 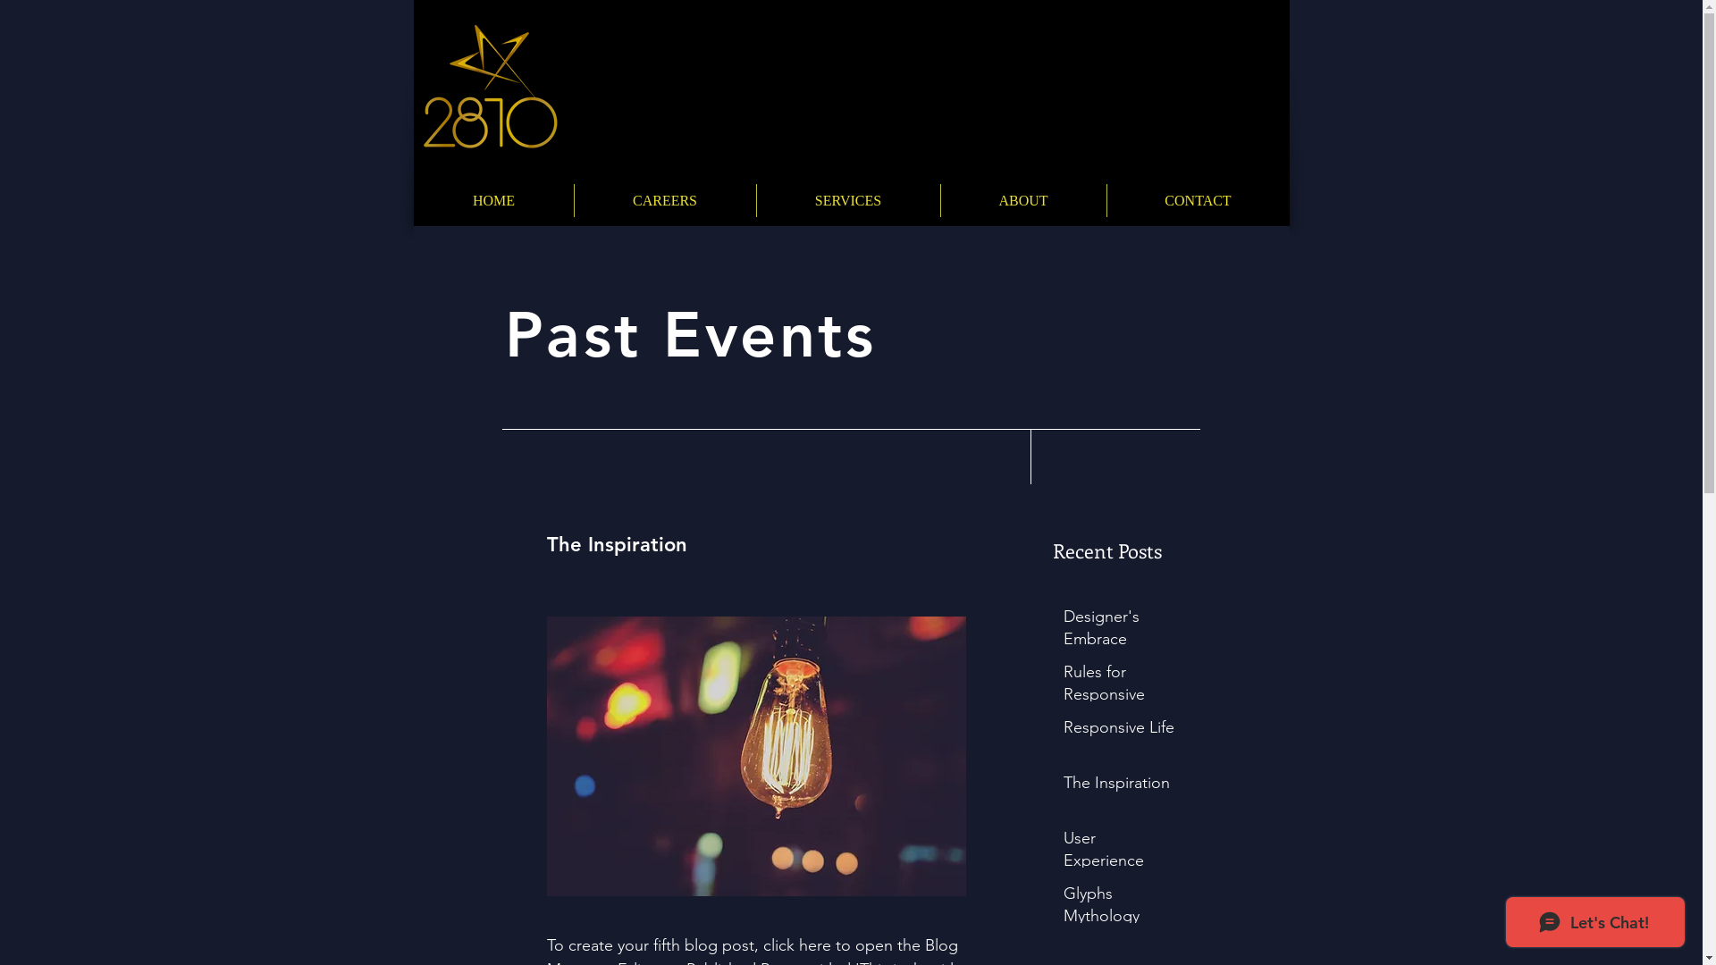 What do you see at coordinates (1064, 852) in the screenshot?
I see `'User Experience'` at bounding box center [1064, 852].